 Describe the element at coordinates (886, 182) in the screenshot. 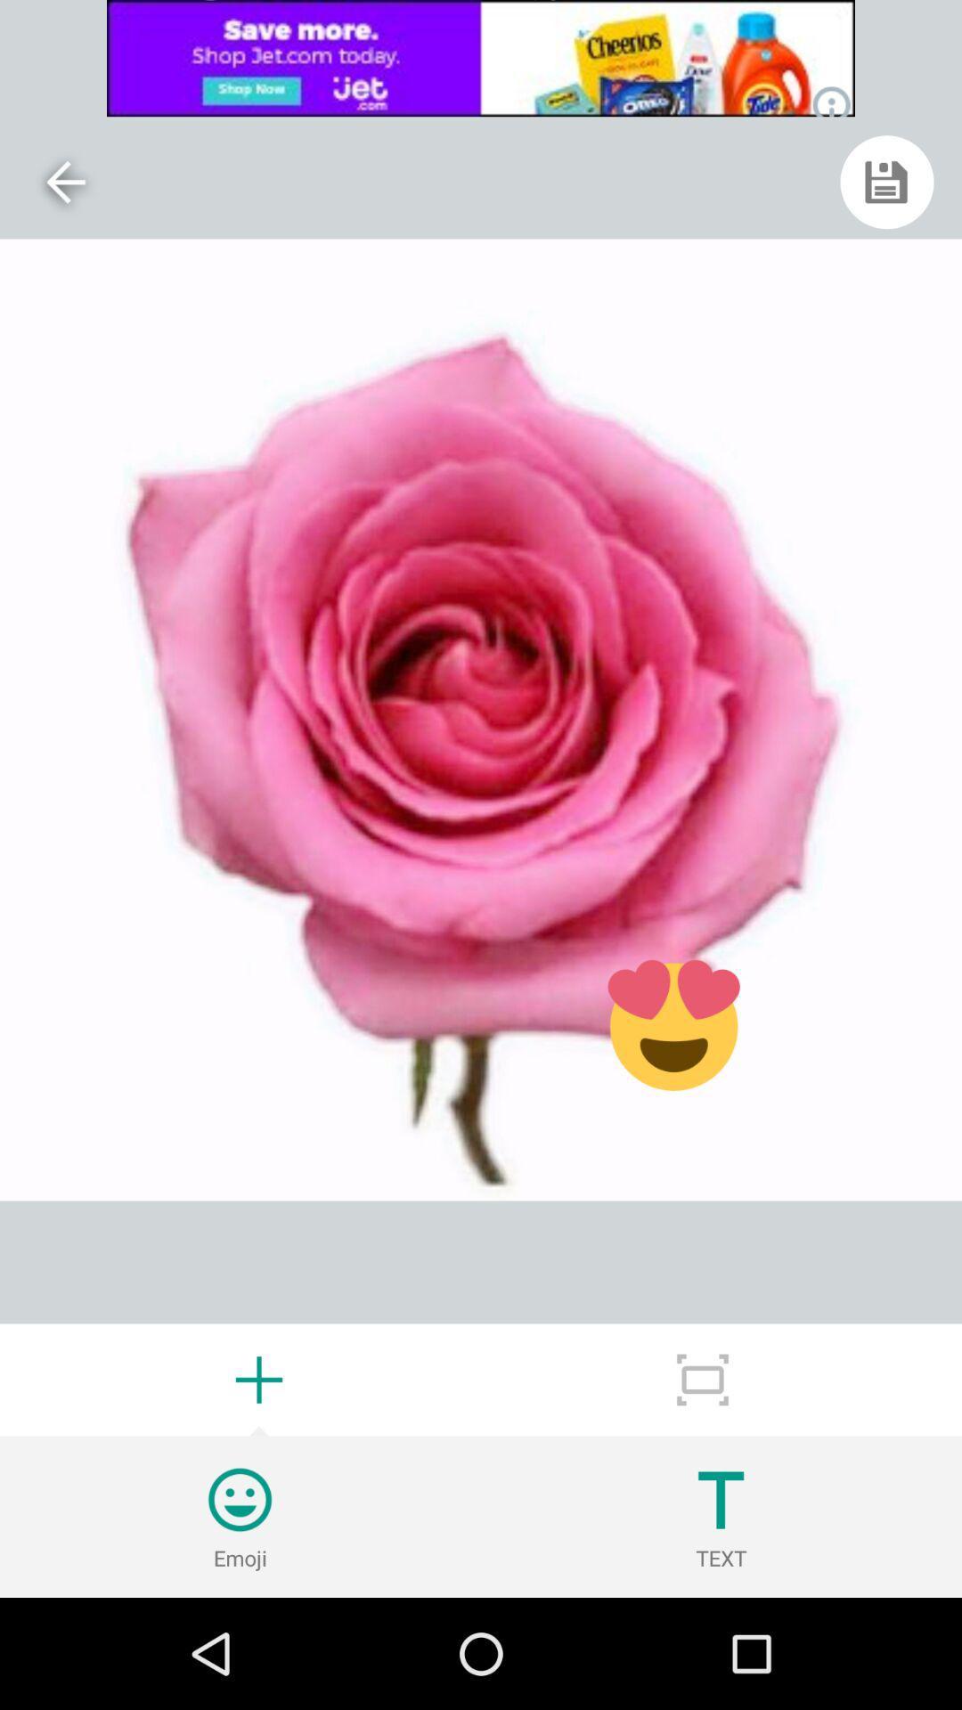

I see `the save icon` at that location.